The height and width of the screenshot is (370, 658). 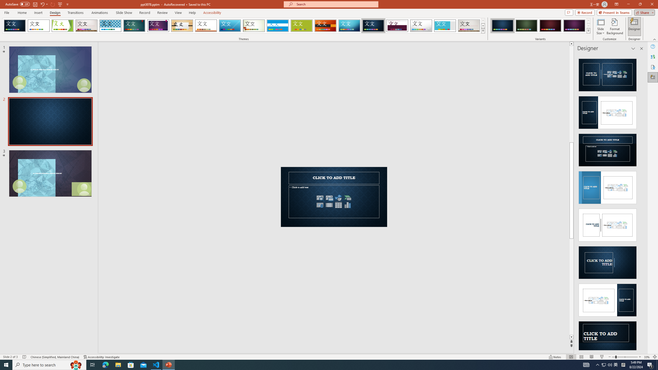 What do you see at coordinates (62, 25) in the screenshot?
I see `'Facet'` at bounding box center [62, 25].